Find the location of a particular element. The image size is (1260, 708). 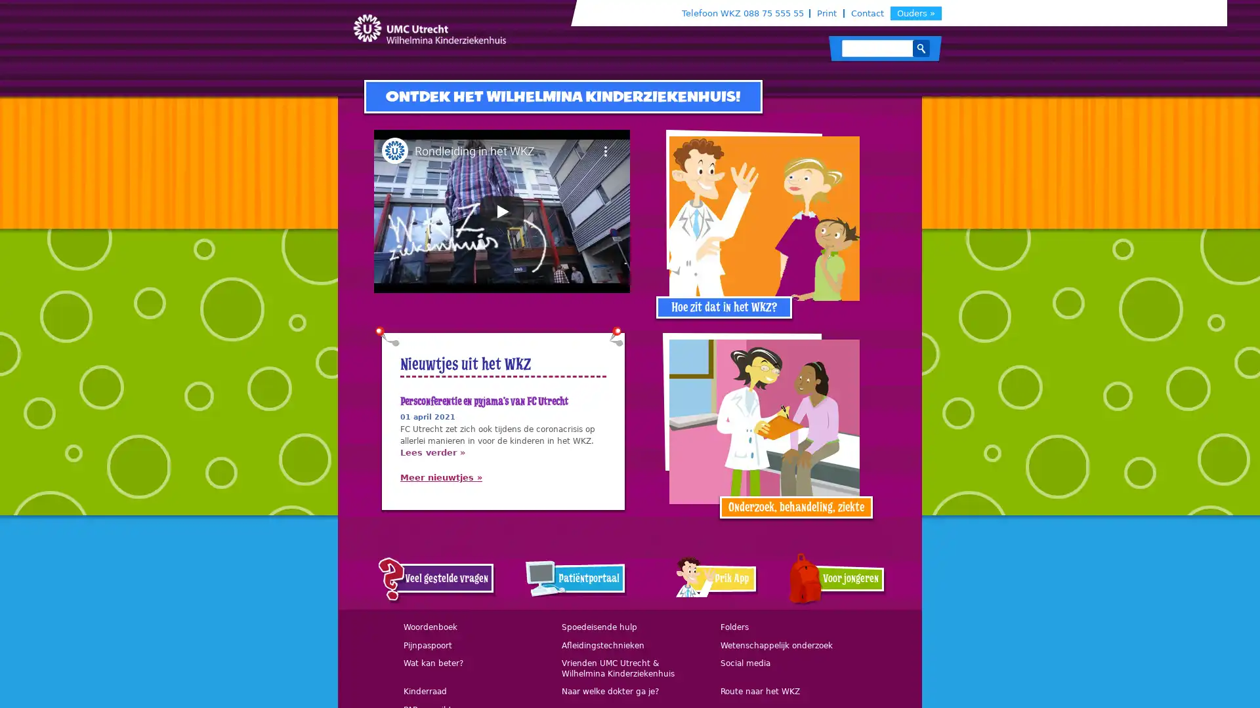

ZOEKEN is located at coordinates (920, 47).